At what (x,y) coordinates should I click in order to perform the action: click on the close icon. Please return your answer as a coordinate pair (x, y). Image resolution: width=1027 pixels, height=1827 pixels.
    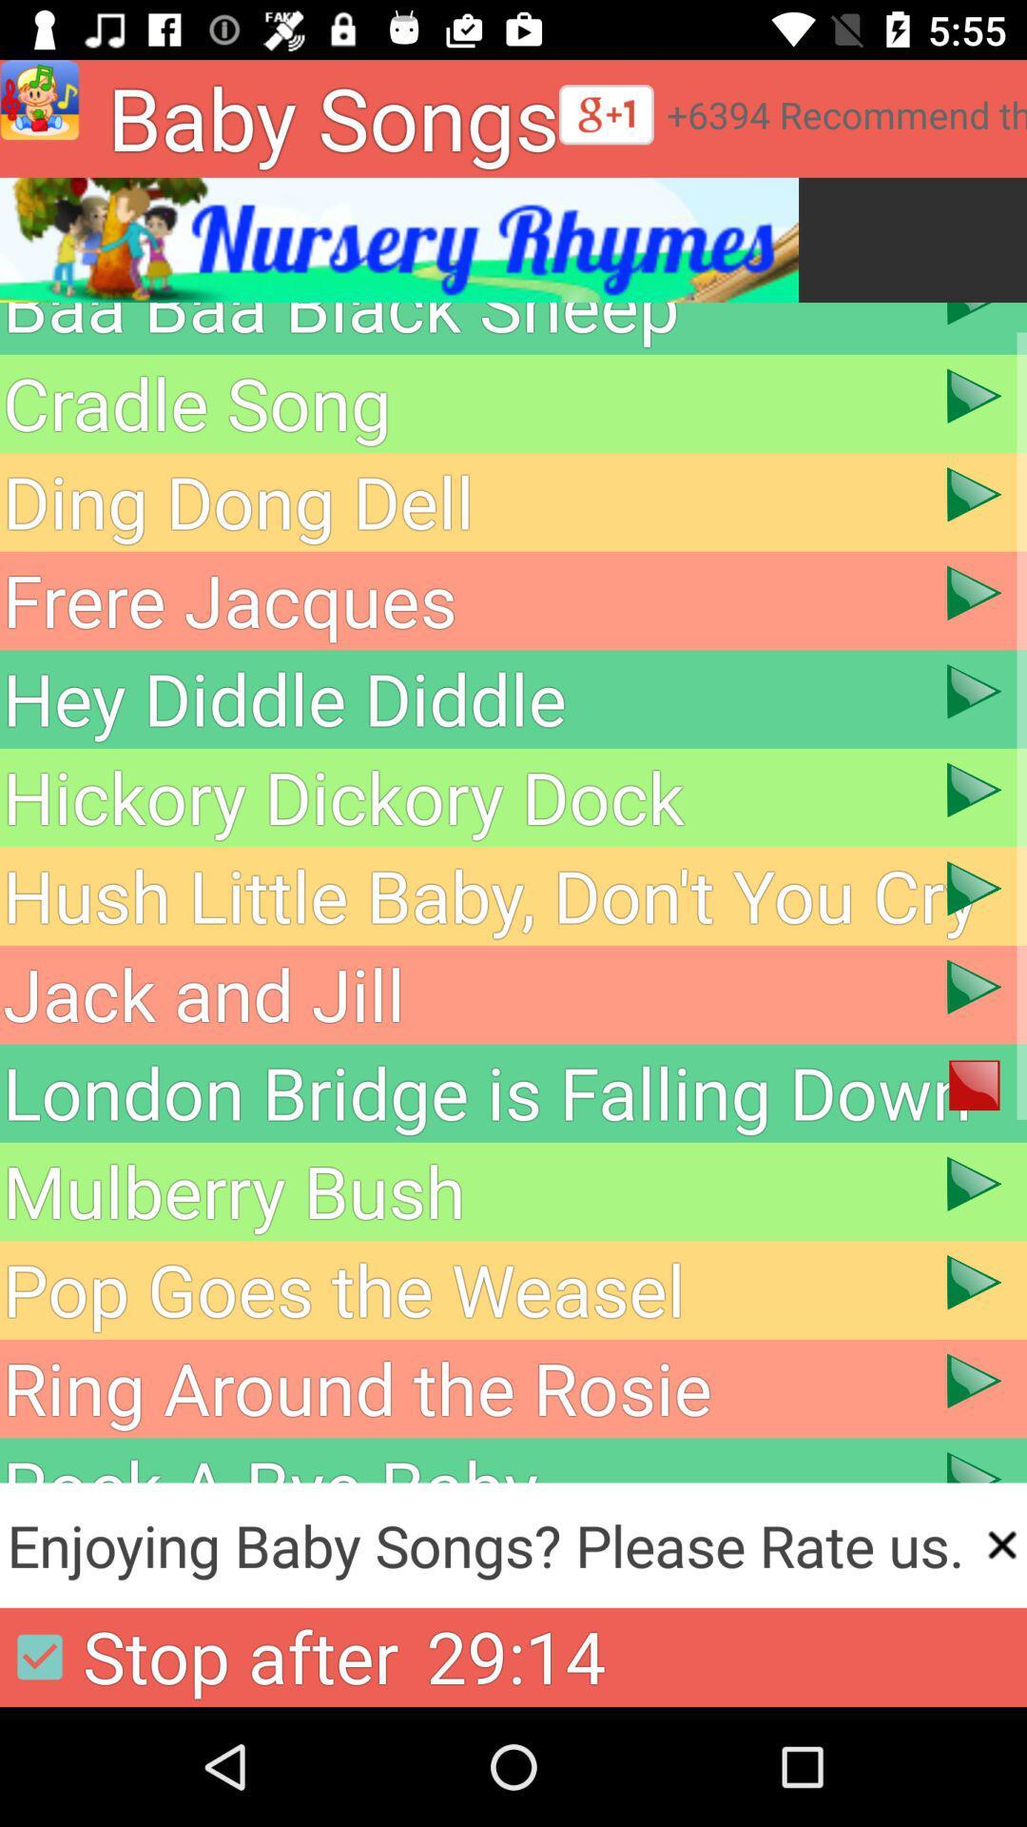
    Looking at the image, I should click on (1001, 1544).